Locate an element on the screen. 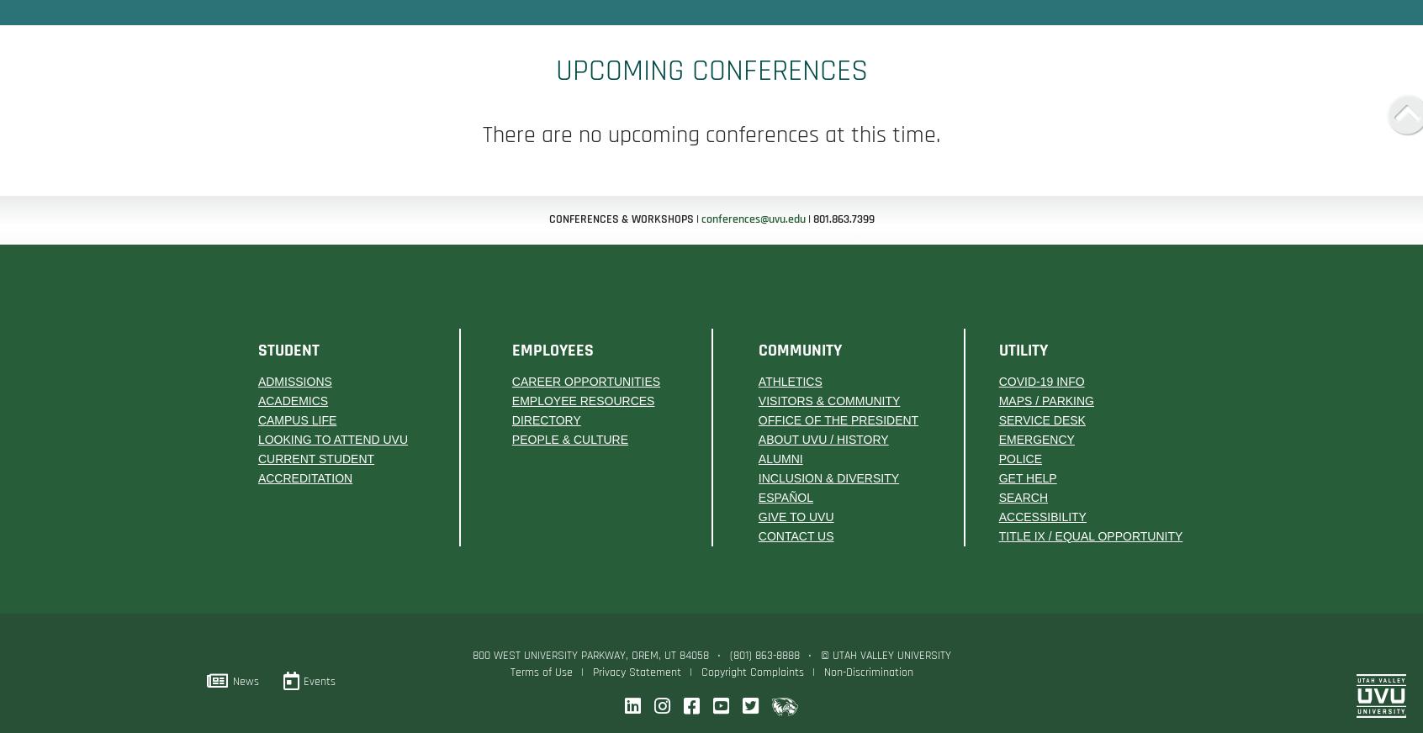 This screenshot has width=1423, height=733. 'Get Help' is located at coordinates (997, 477).